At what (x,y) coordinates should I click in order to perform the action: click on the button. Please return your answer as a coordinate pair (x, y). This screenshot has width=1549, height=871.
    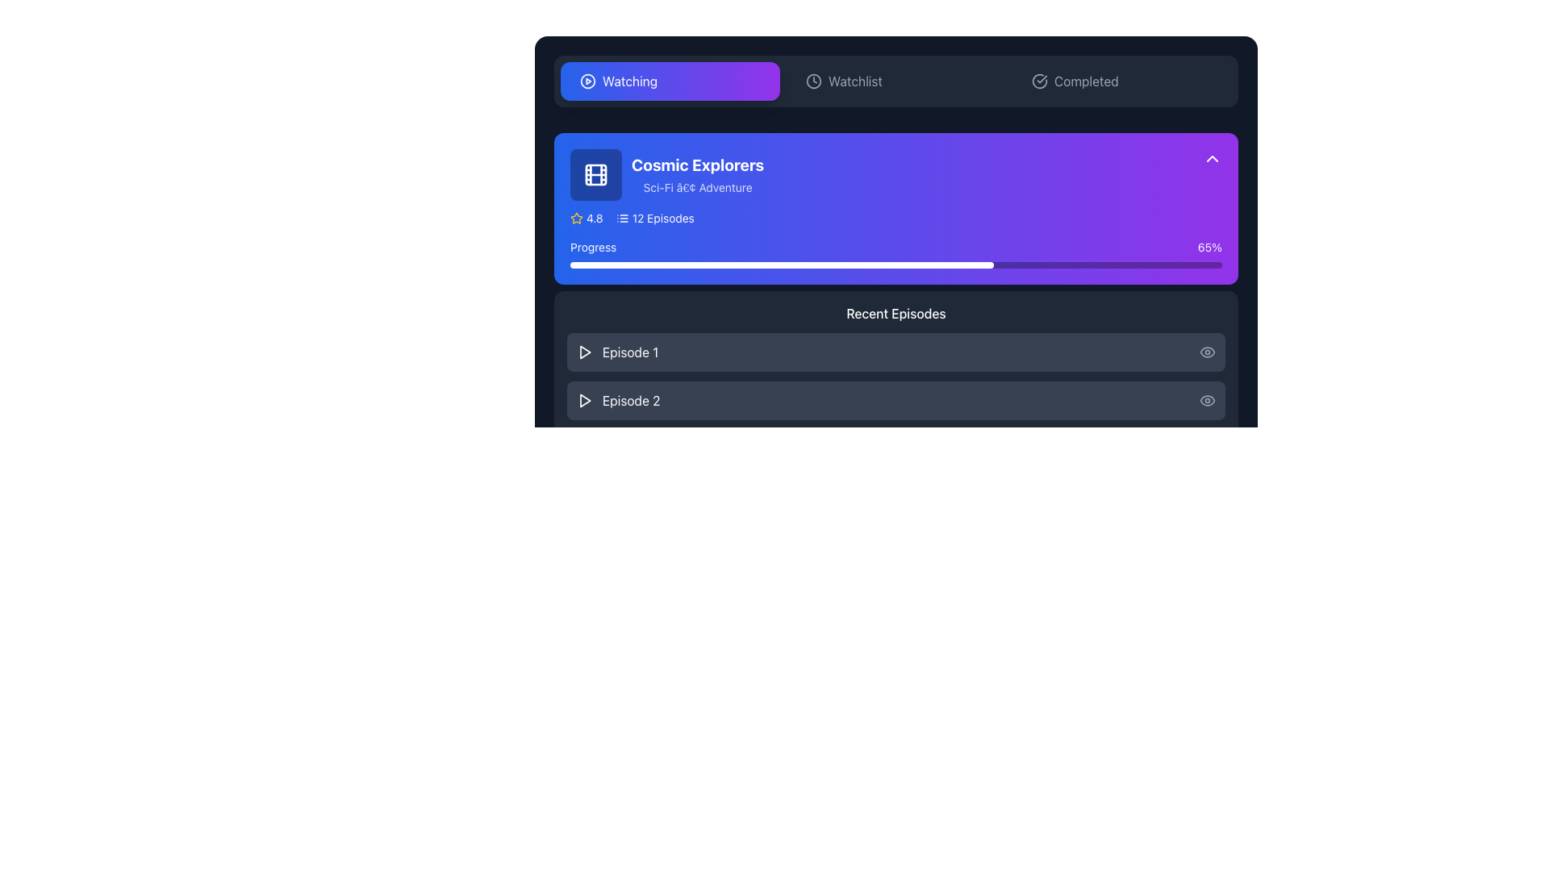
    Looking at the image, I should click on (895, 400).